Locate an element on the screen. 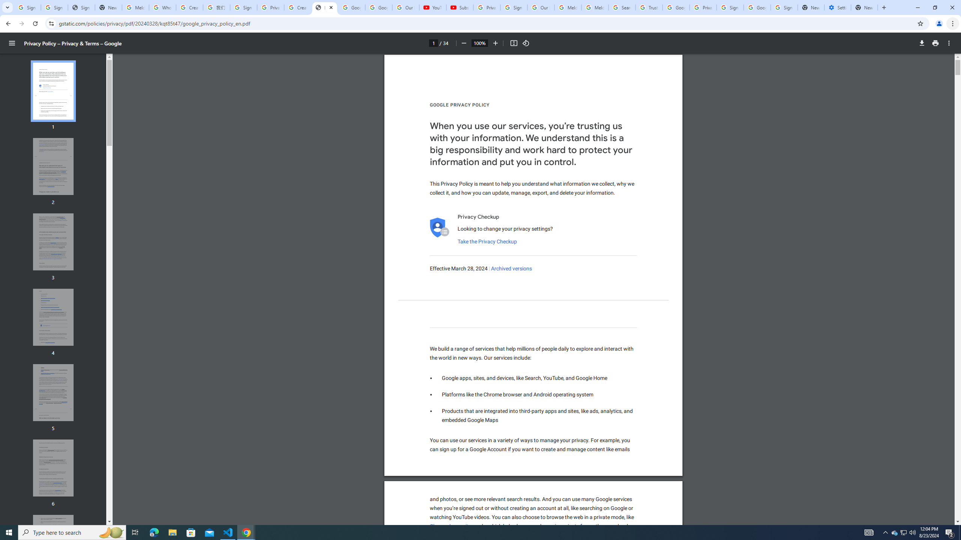 The width and height of the screenshot is (961, 540). 'Google Ads - Sign in' is located at coordinates (675, 7).